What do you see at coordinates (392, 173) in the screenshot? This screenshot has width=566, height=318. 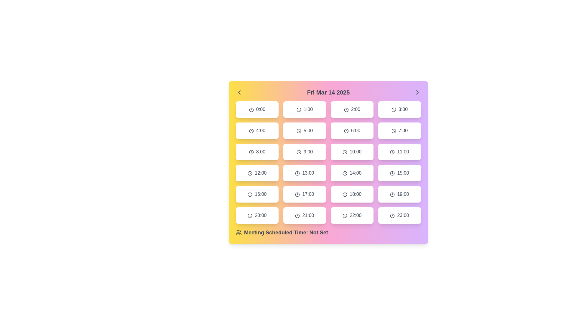 I see `the clock icon, which is a circular outline with a clock hand, located to the left of the '15:00' text in the schedule interface` at bounding box center [392, 173].